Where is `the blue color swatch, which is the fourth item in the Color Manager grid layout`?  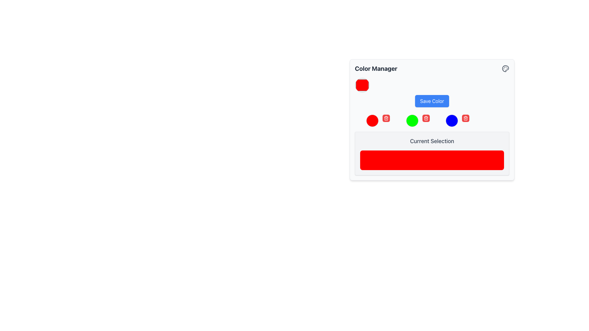 the blue color swatch, which is the fourth item in the Color Manager grid layout is located at coordinates (452, 120).